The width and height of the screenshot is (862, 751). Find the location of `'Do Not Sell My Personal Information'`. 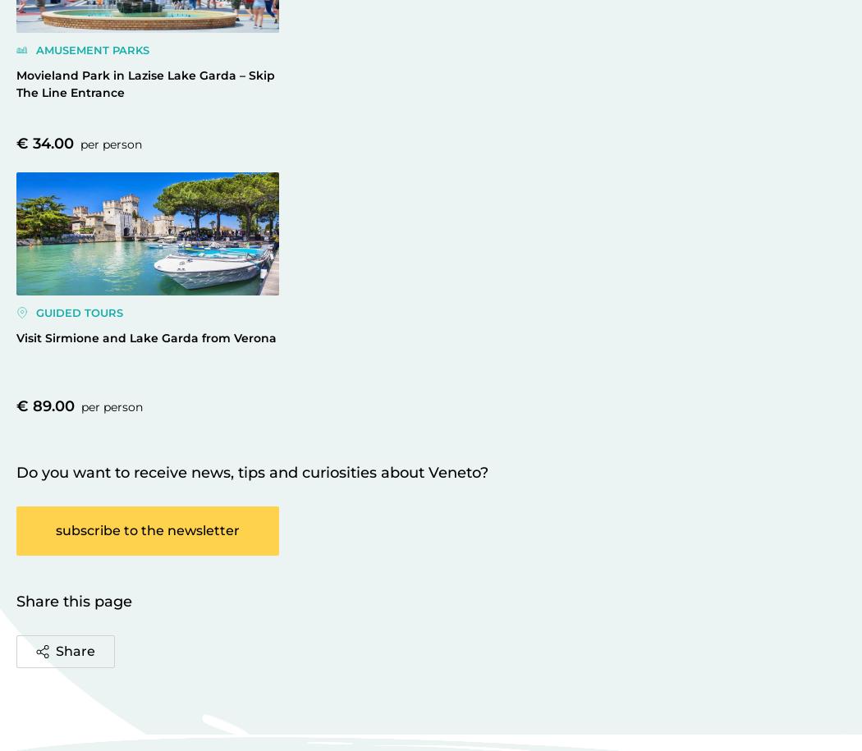

'Do Not Sell My Personal Information' is located at coordinates (543, 7).